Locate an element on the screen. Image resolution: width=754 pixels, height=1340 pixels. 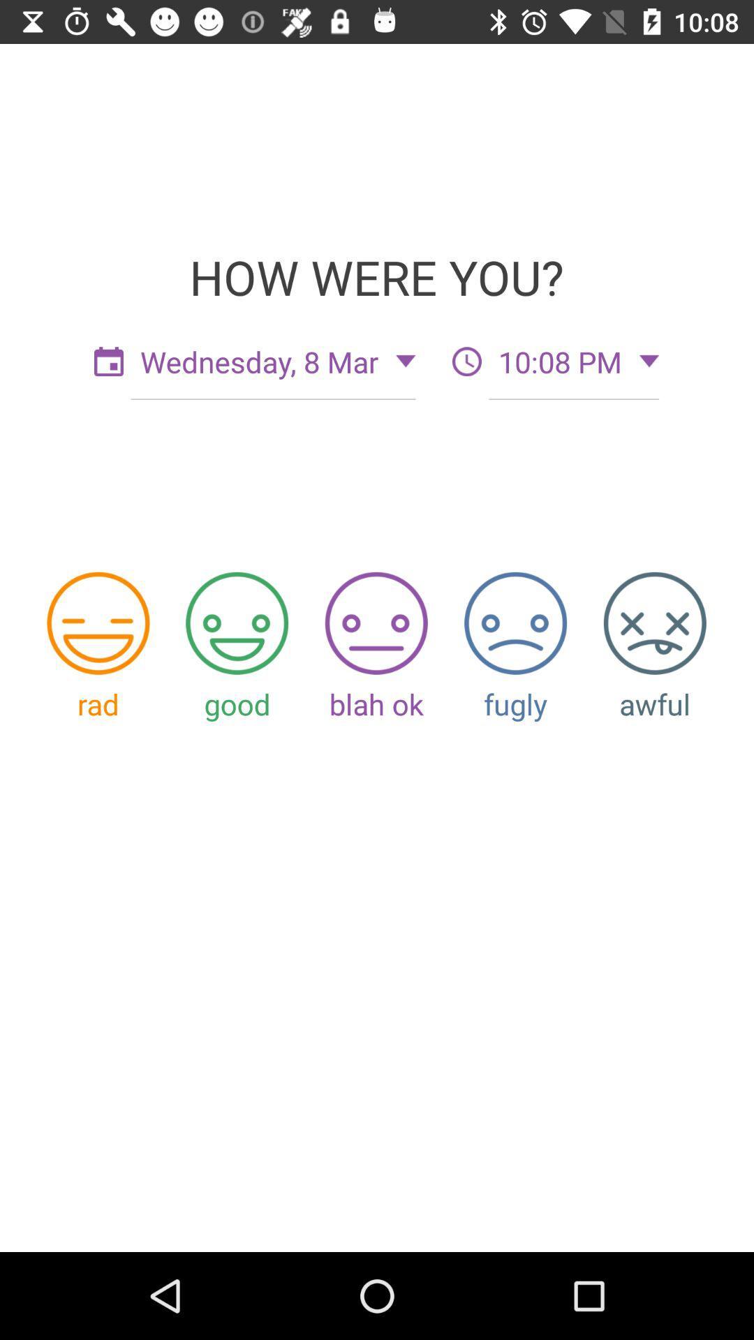
good button is located at coordinates (236, 623).